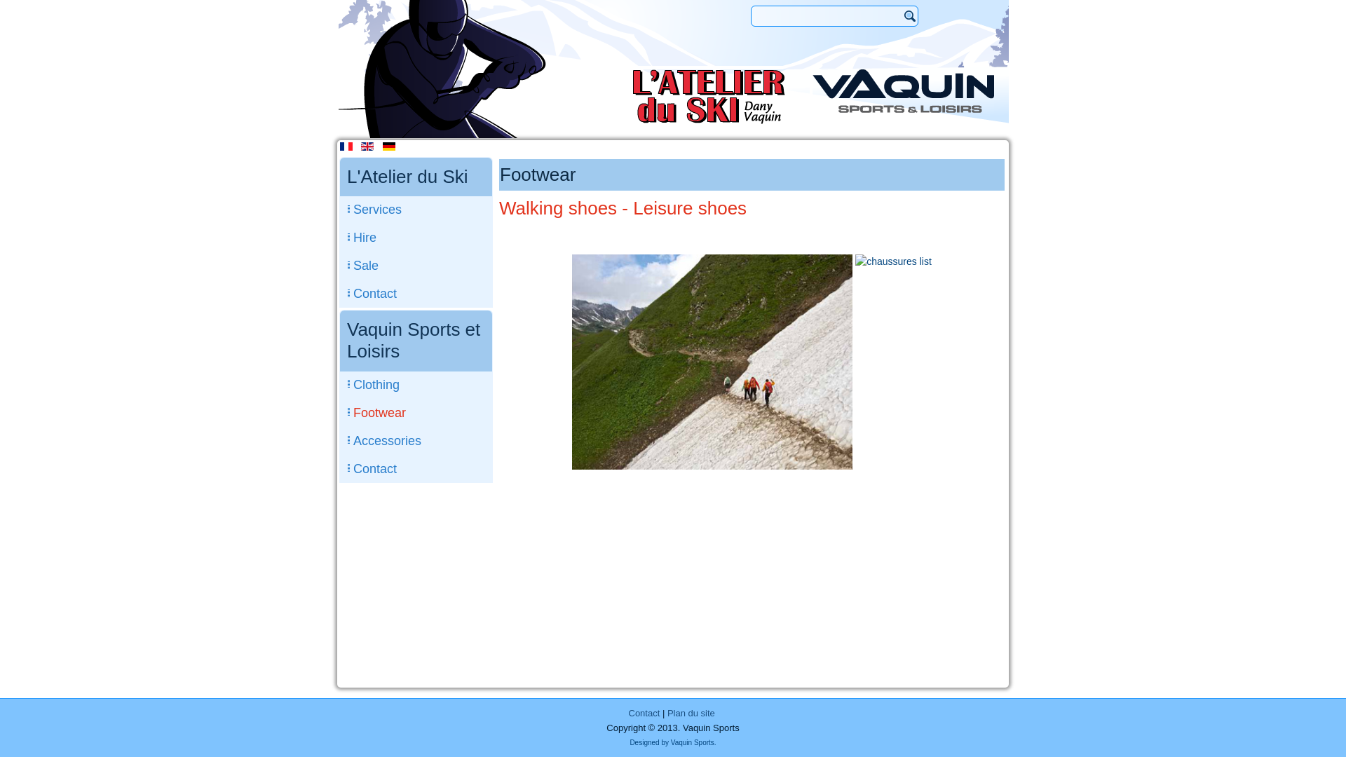 This screenshot has height=757, width=1346. Describe the element at coordinates (415, 412) in the screenshot. I see `'Footwear'` at that location.